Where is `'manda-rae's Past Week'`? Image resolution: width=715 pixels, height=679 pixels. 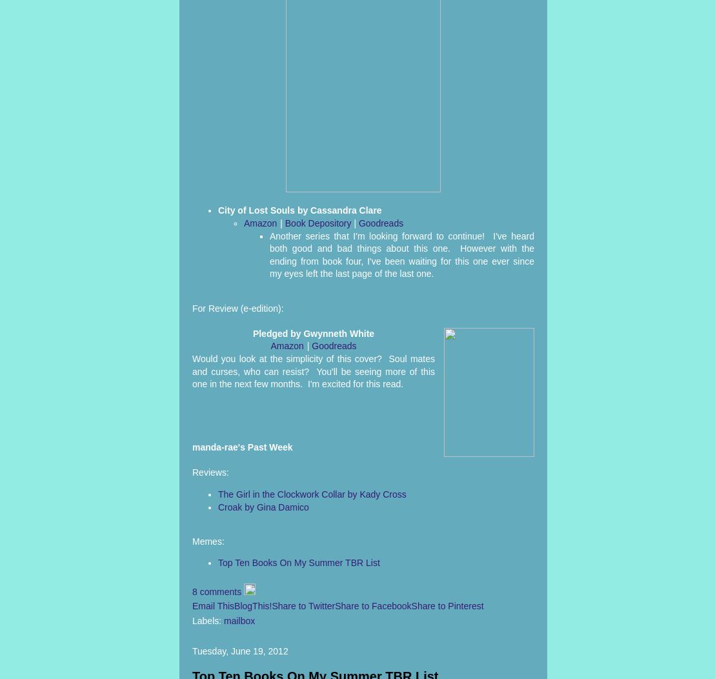
'manda-rae's Past Week' is located at coordinates (242, 446).